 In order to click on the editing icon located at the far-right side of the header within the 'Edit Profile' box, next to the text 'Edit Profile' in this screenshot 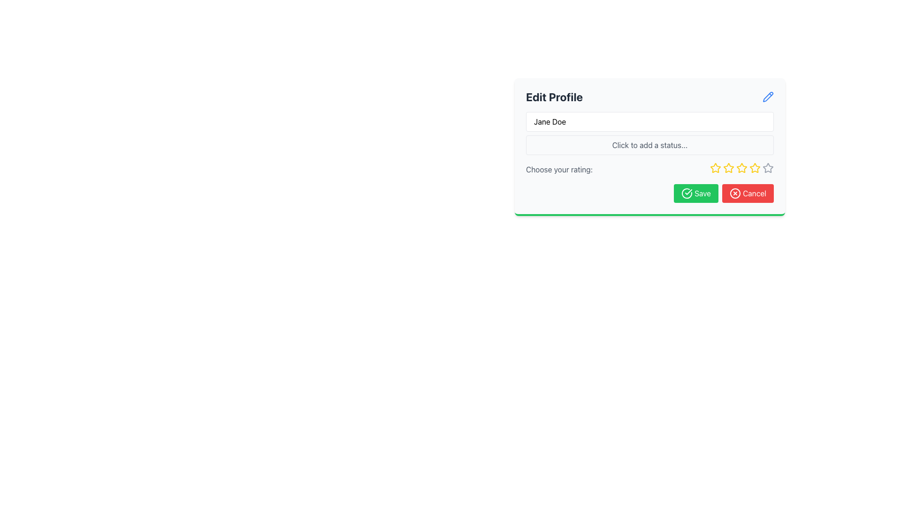, I will do `click(768, 97)`.